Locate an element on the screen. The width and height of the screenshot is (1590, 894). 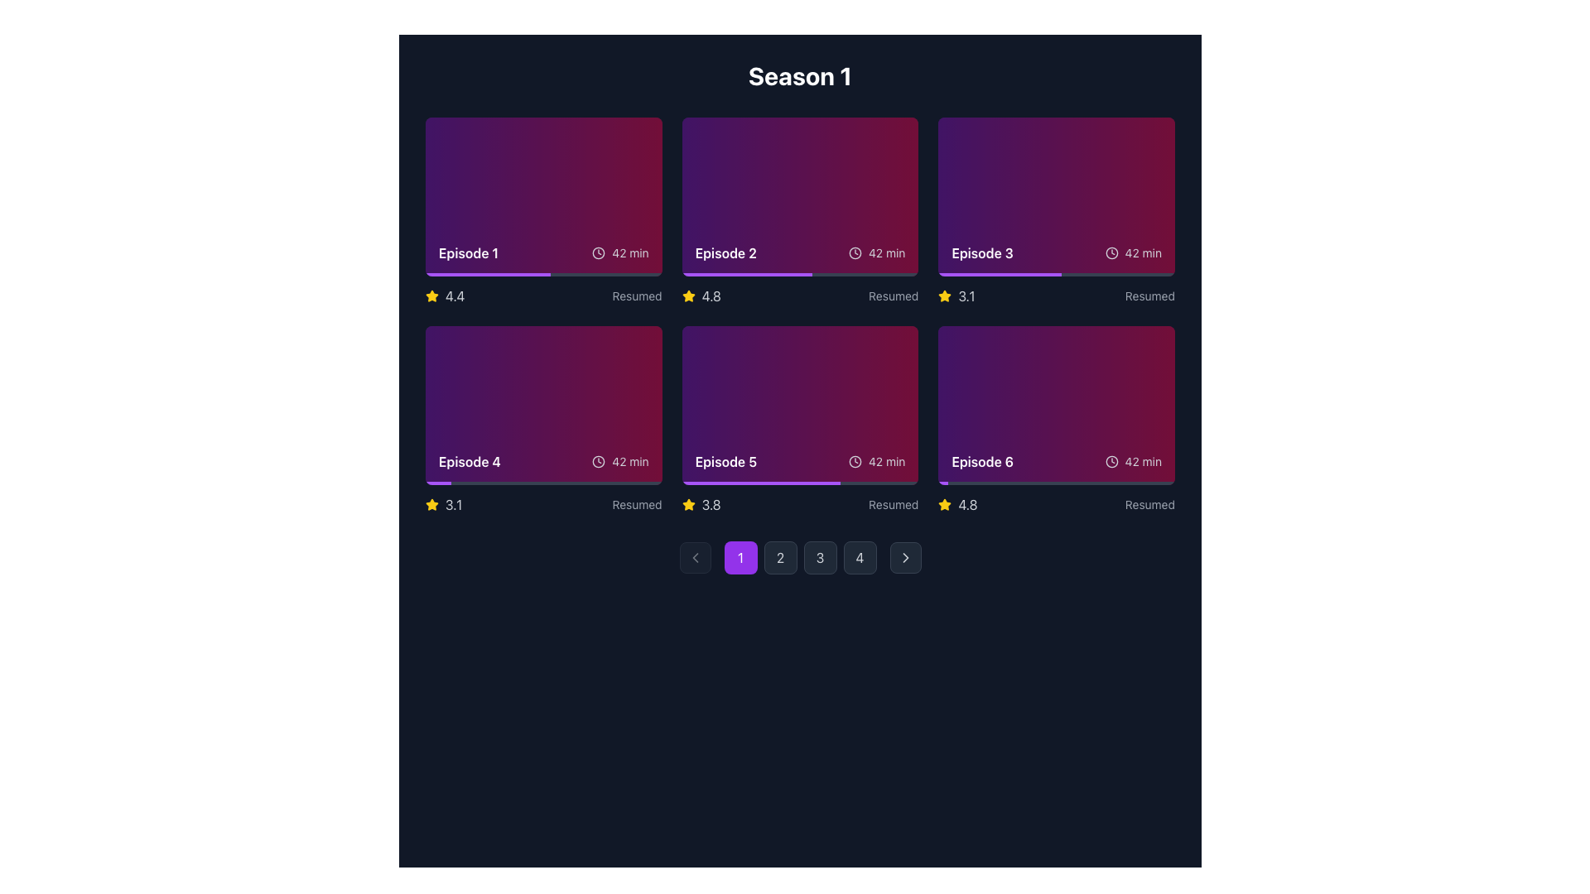
the circular shape inside the SVG graphic of the clock icon, which represents the time indicator for the 'Episode 4' item in the episode grid is located at coordinates (598, 462).